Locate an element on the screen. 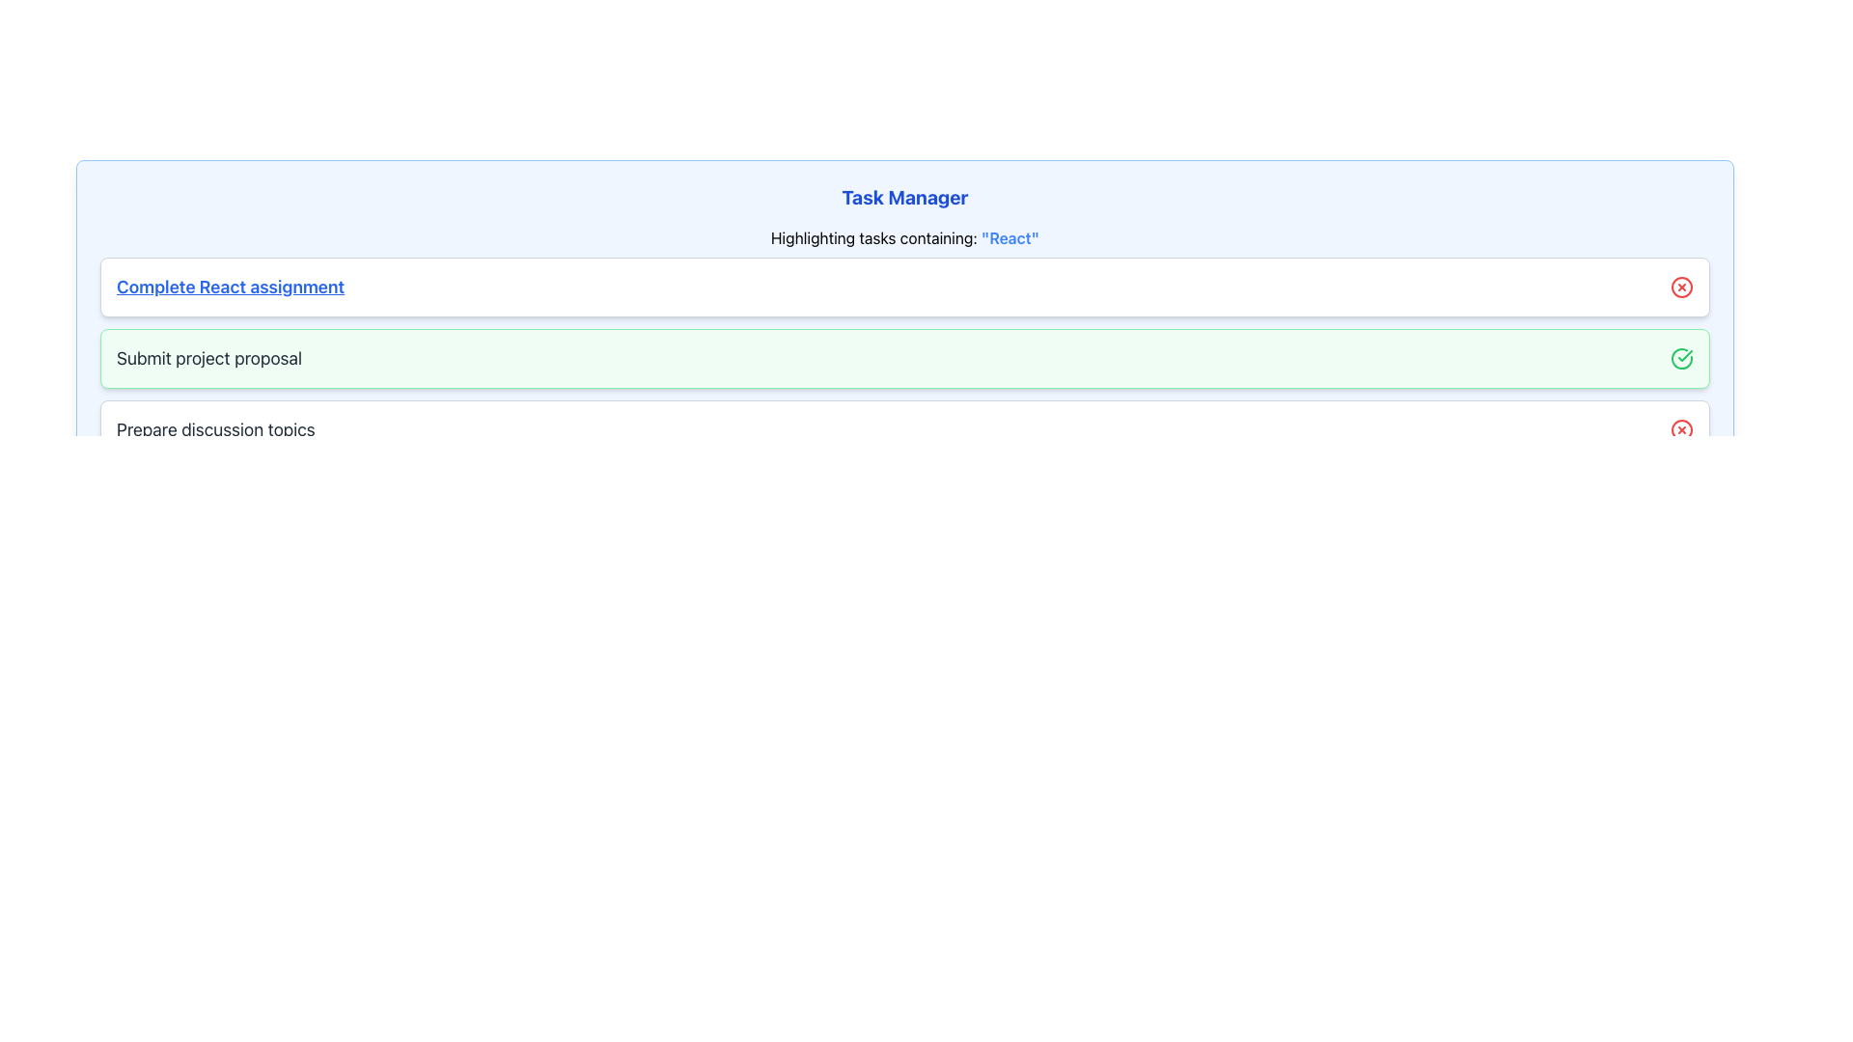 Image resolution: width=1853 pixels, height=1042 pixels. the green circular SVG icon with a check mark indicating a confirmation status, located to the right of the 'Submit project proposal' task row is located at coordinates (1680, 358).